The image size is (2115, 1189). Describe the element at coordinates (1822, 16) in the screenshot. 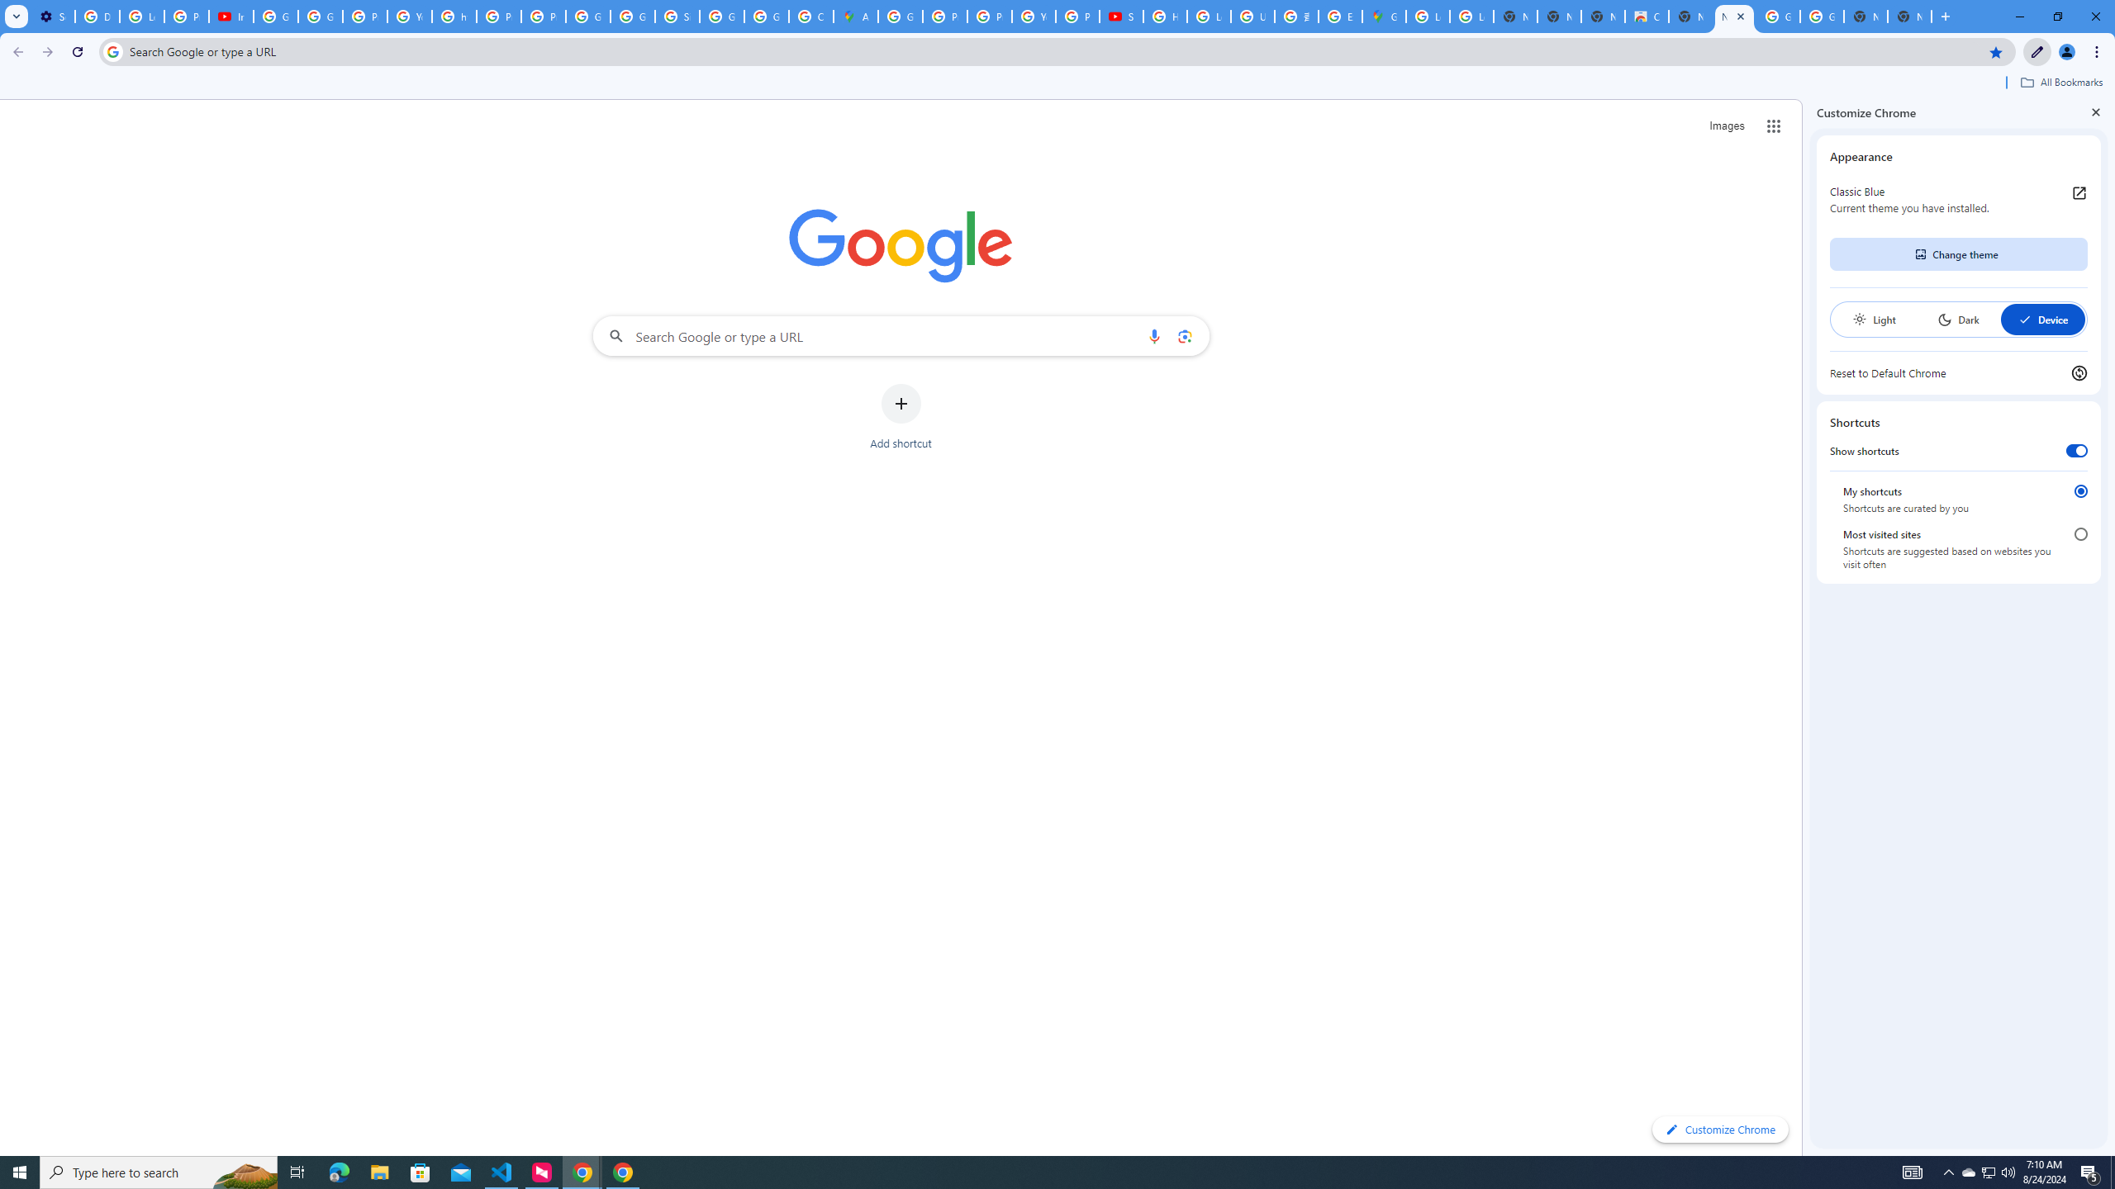

I see `'Google Images'` at that location.